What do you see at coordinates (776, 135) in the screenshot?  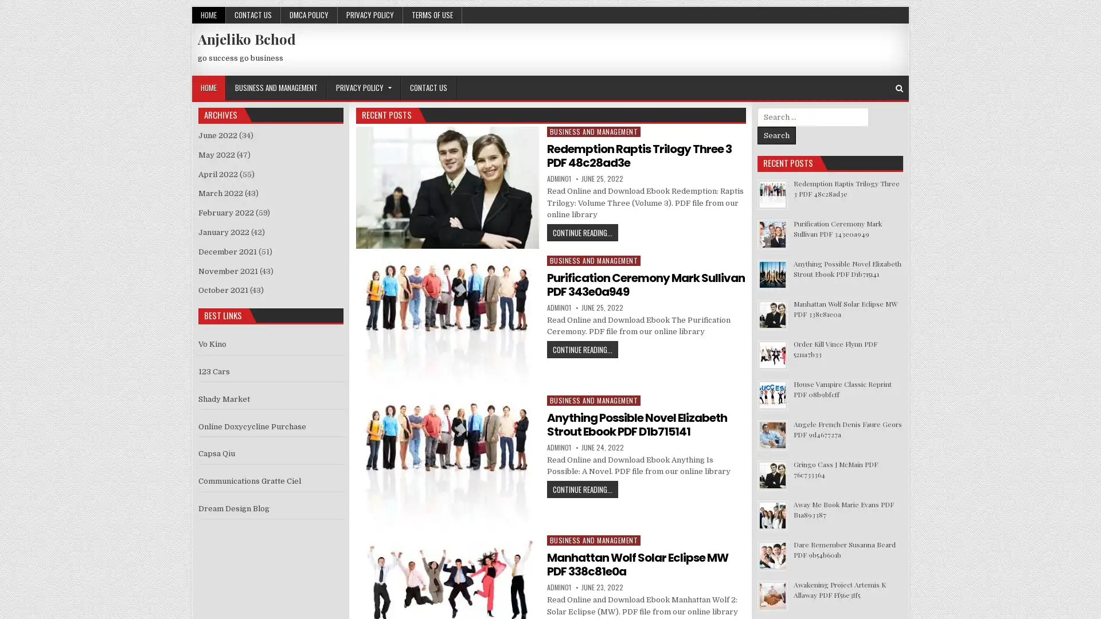 I see `Search` at bounding box center [776, 135].